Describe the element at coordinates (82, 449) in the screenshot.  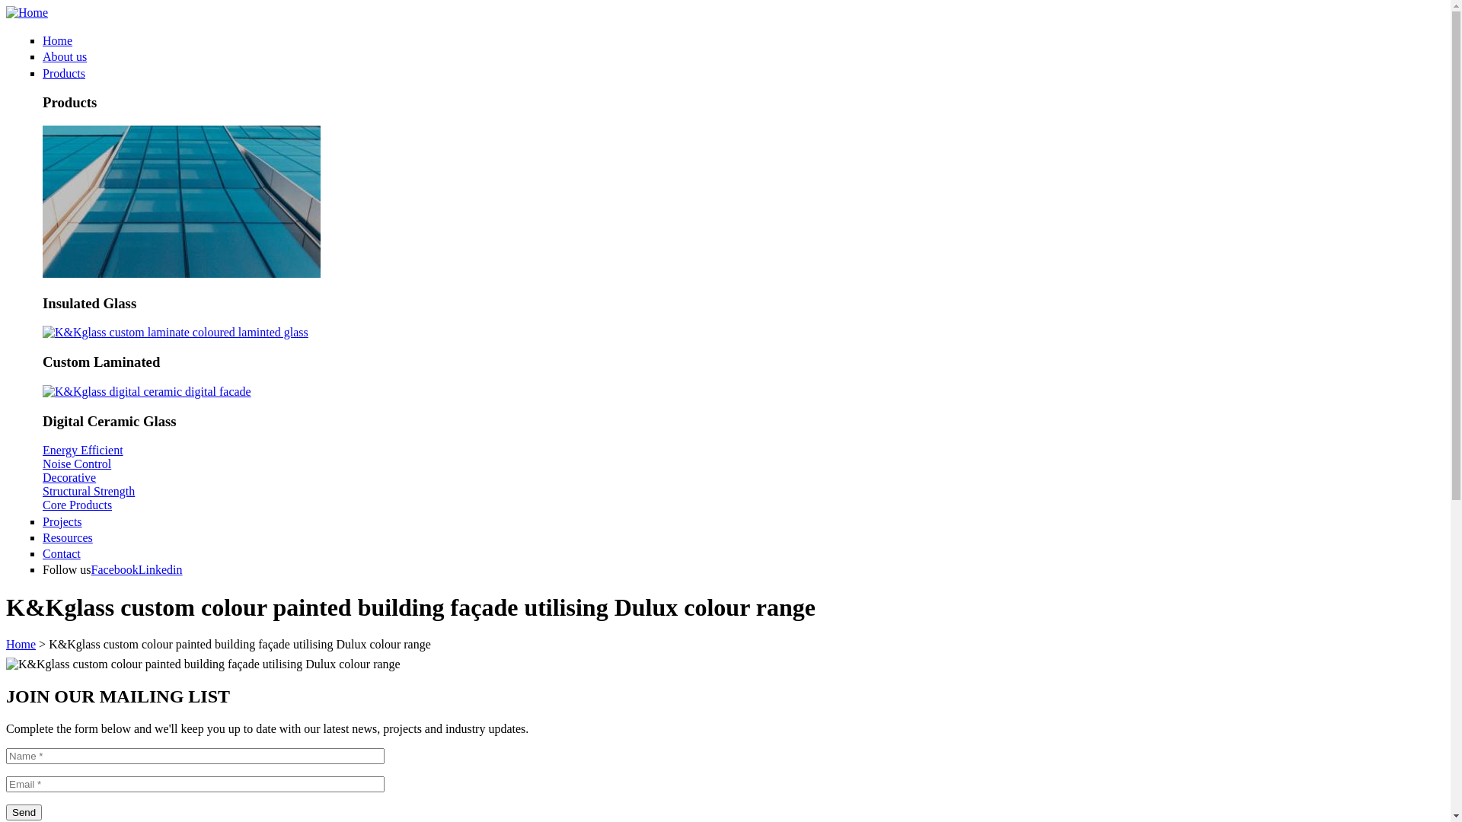
I see `'Energy Efficient'` at that location.